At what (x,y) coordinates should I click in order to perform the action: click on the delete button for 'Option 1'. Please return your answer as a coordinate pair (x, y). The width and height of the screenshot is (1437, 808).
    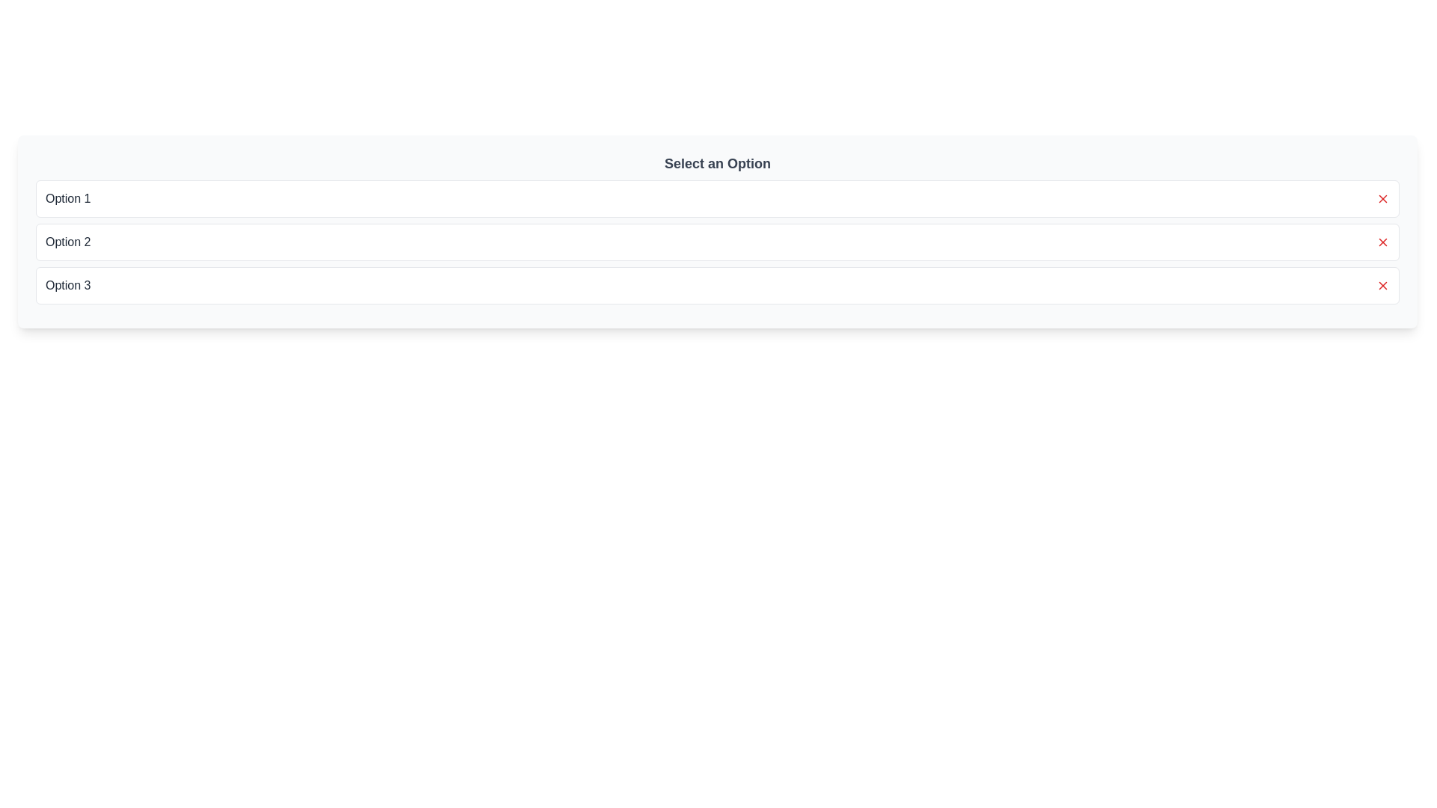
    Looking at the image, I should click on (1382, 198).